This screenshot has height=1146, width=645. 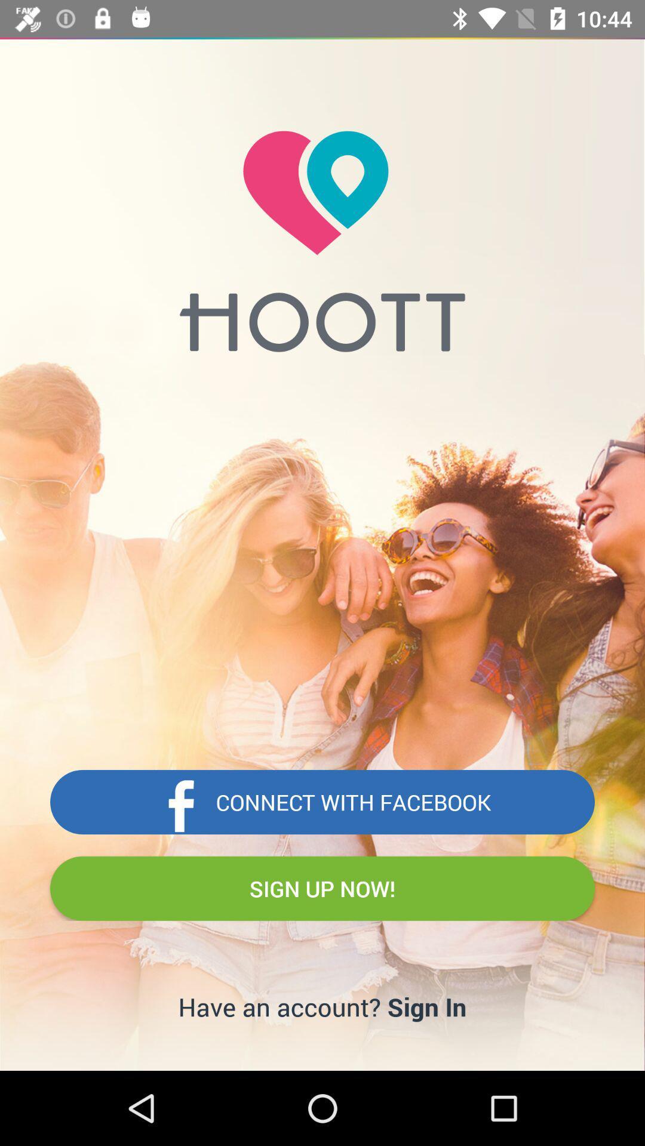 I want to click on icon to the right of have an account?, so click(x=426, y=1006).